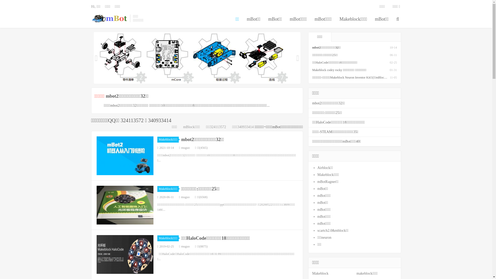  Describe the element at coordinates (320, 273) in the screenshot. I see `'Makeblock'` at that location.